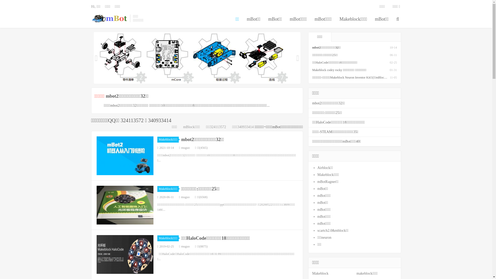  Describe the element at coordinates (320, 273) in the screenshot. I see `'Makeblock'` at that location.